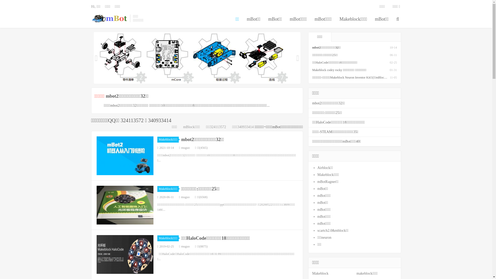  Describe the element at coordinates (320, 273) in the screenshot. I see `'Makeblock'` at that location.